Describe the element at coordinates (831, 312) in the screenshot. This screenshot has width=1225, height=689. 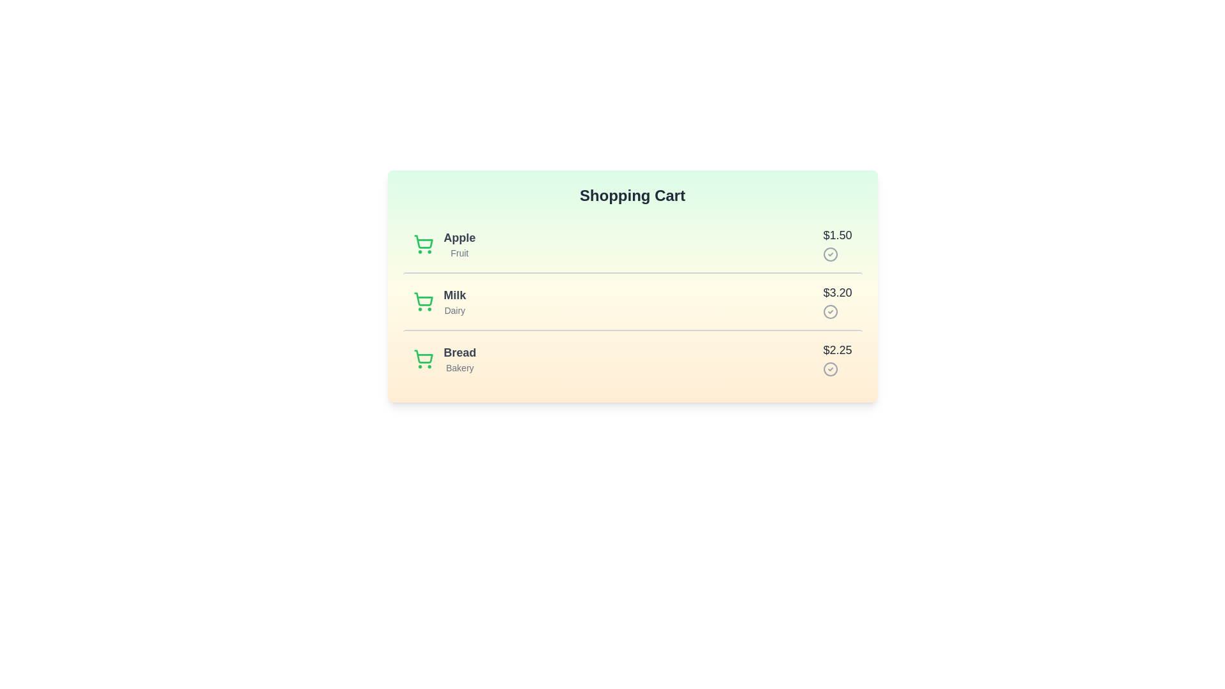
I see `the check circle icon for Milk to mark it as selected or completed` at that location.